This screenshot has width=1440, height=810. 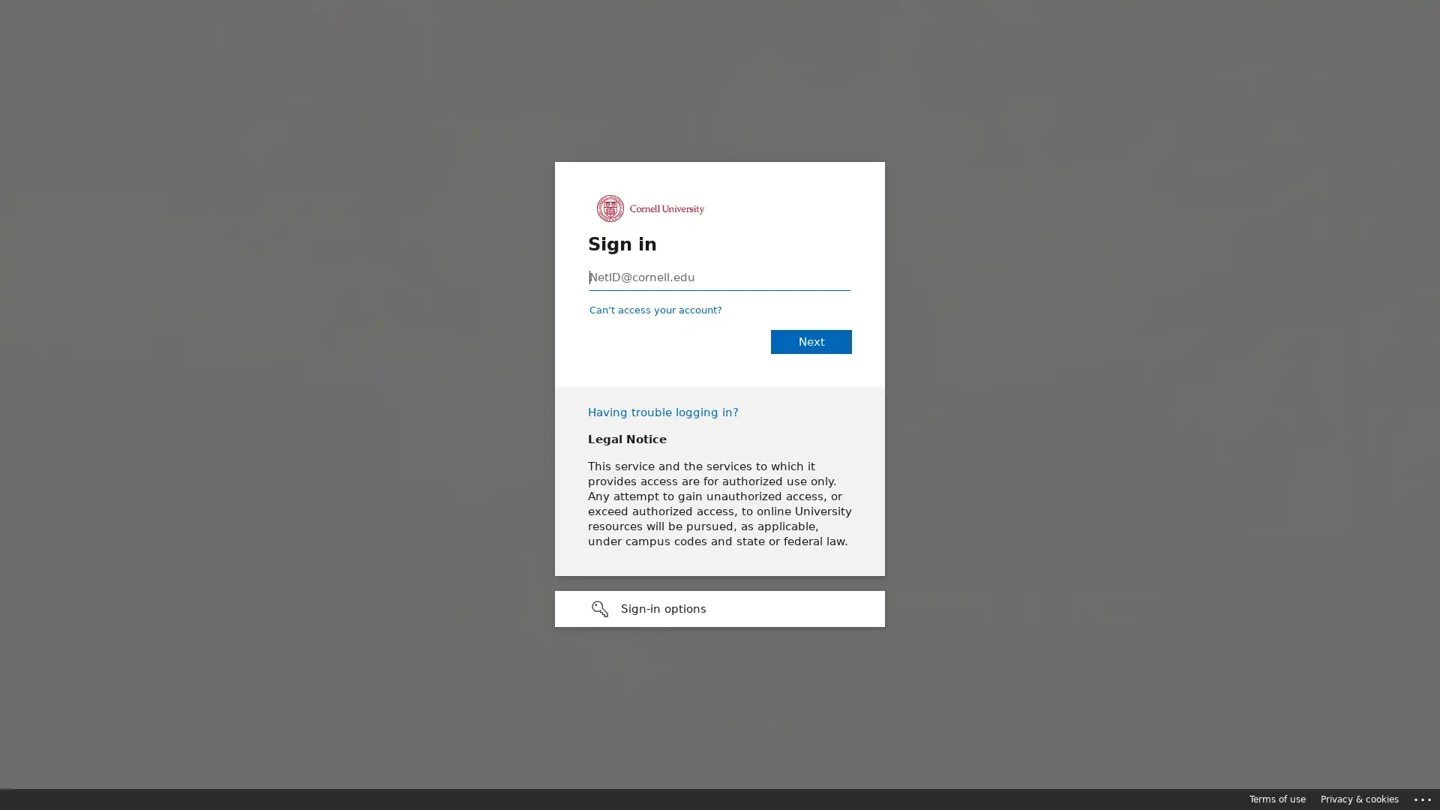 I want to click on Next, so click(x=810, y=341).